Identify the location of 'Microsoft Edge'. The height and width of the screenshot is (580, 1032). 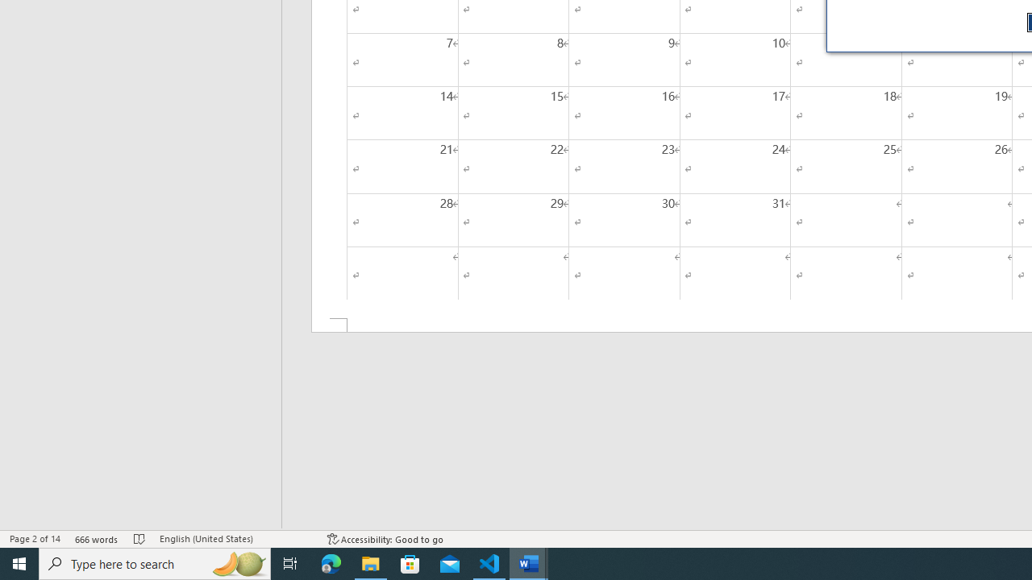
(331, 562).